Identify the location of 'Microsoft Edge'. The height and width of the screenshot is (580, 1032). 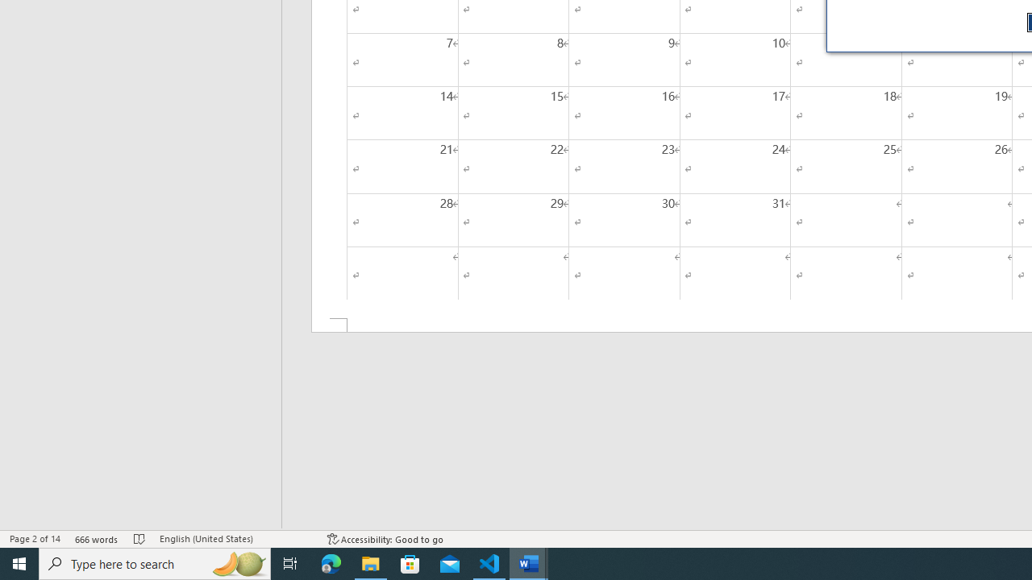
(331, 562).